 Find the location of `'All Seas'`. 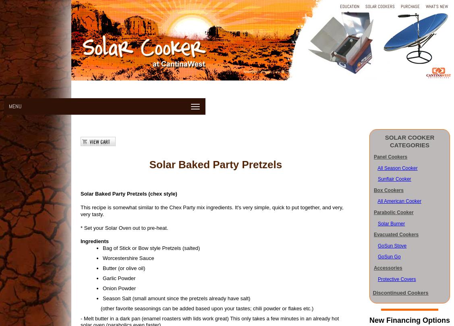

'All Seas' is located at coordinates (386, 167).